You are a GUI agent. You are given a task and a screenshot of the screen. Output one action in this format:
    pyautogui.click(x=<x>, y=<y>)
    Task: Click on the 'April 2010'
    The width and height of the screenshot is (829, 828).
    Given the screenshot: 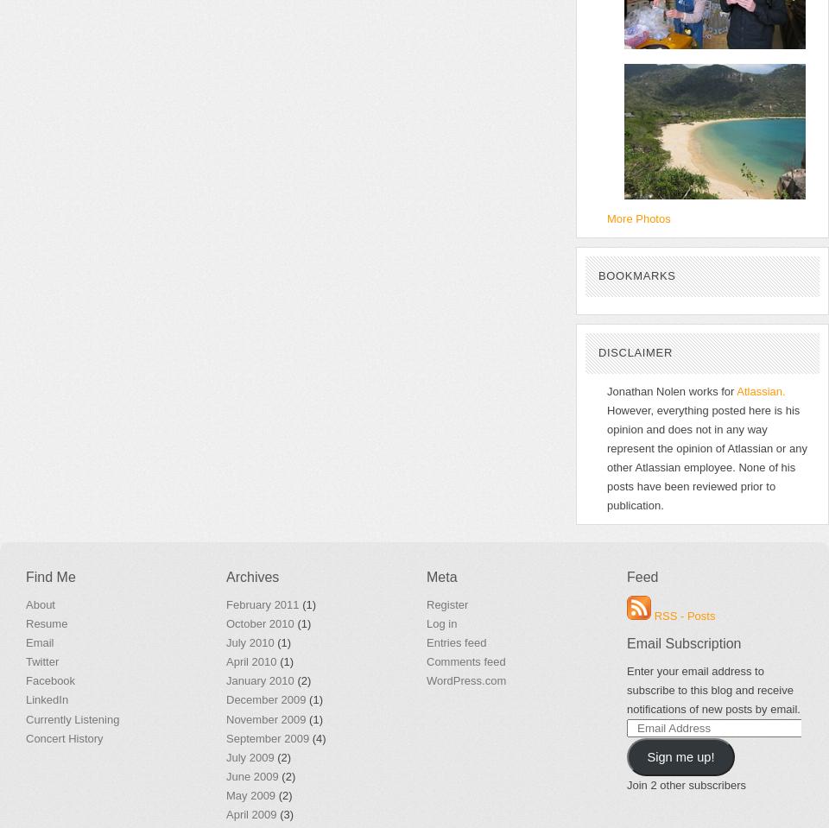 What is the action you would take?
    pyautogui.click(x=250, y=661)
    